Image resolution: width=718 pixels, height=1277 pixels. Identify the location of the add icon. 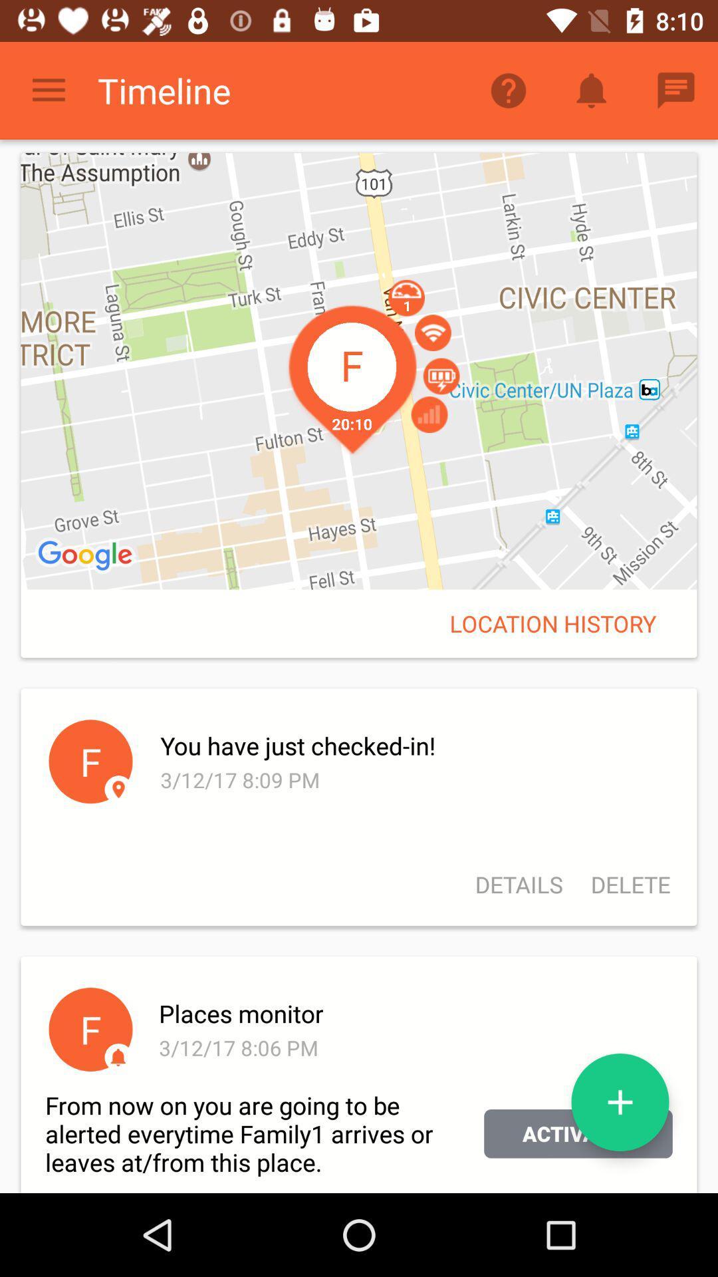
(620, 1102).